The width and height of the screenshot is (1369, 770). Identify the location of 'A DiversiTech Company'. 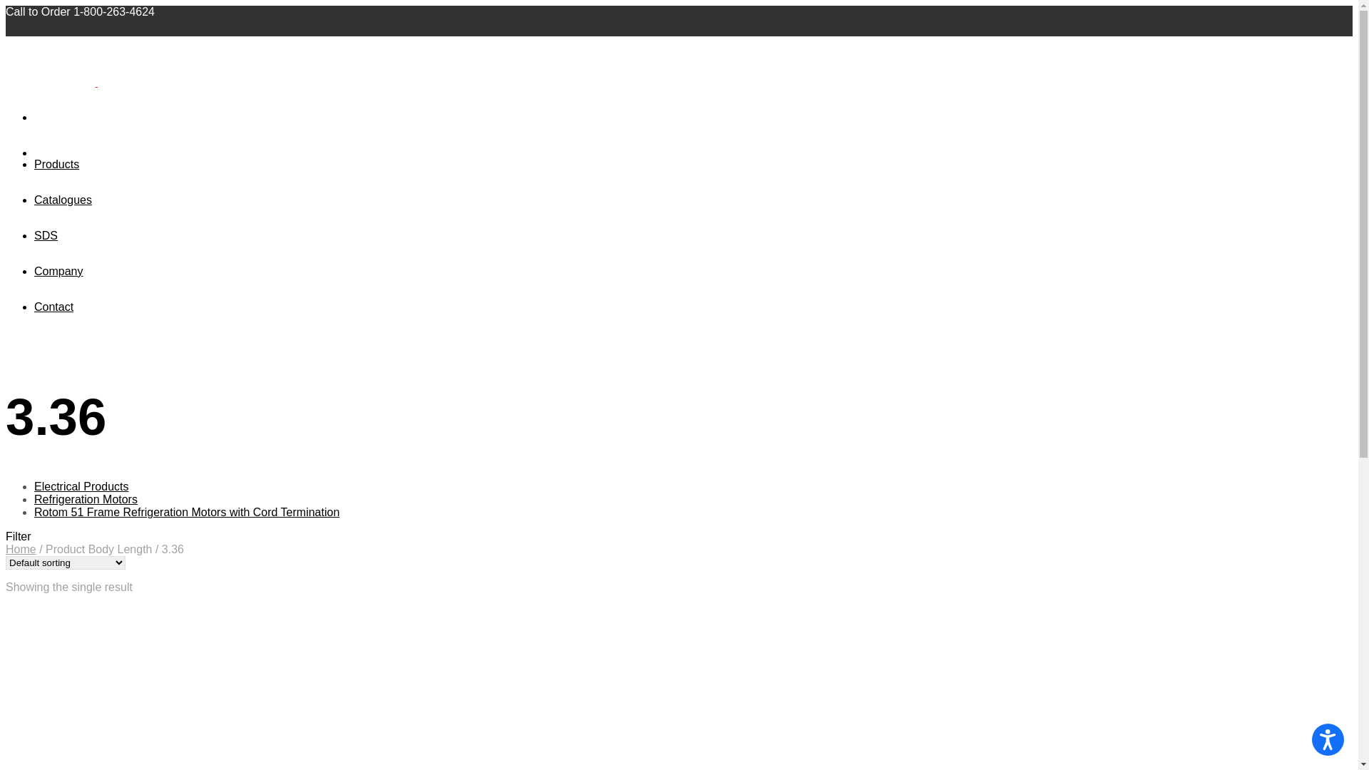
(6, 68).